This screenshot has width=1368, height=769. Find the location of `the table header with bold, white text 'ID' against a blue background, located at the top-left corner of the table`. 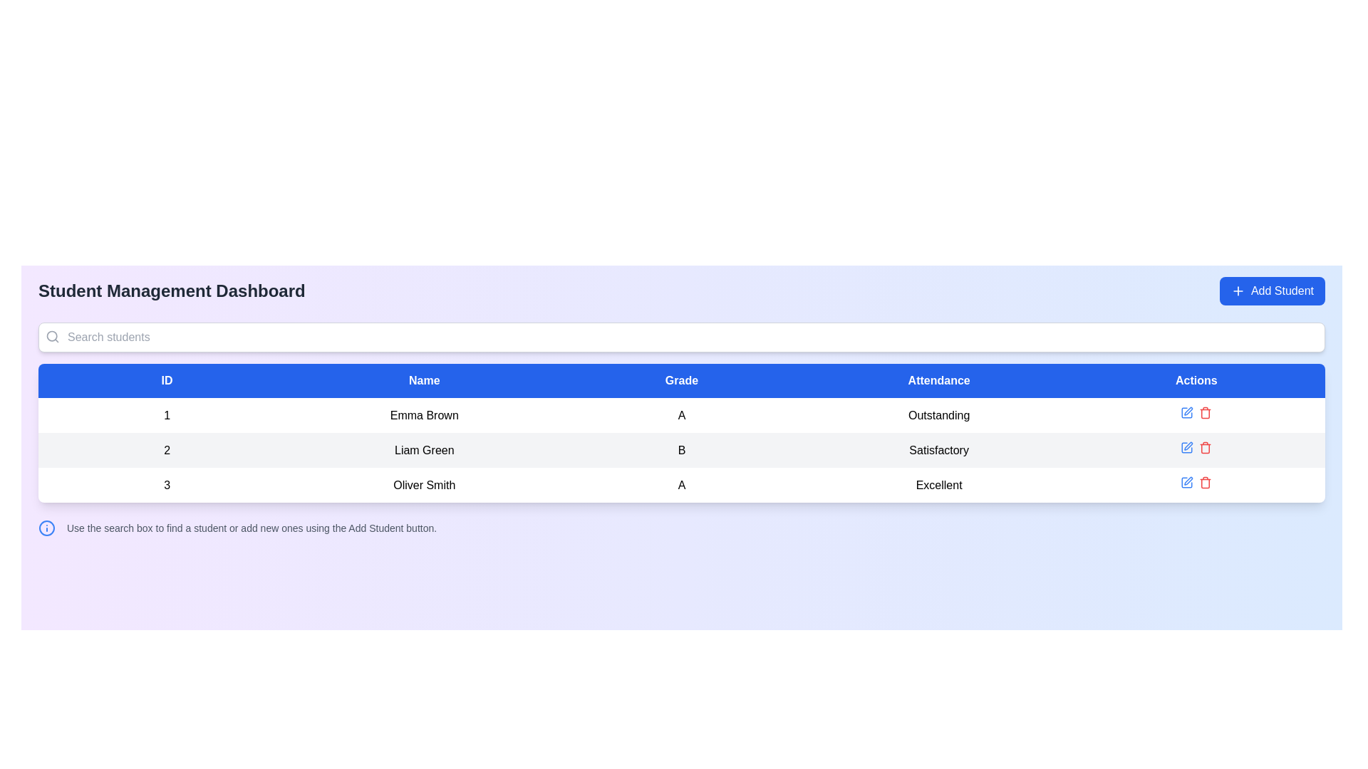

the table header with bold, white text 'ID' against a blue background, located at the top-left corner of the table is located at coordinates (167, 380).